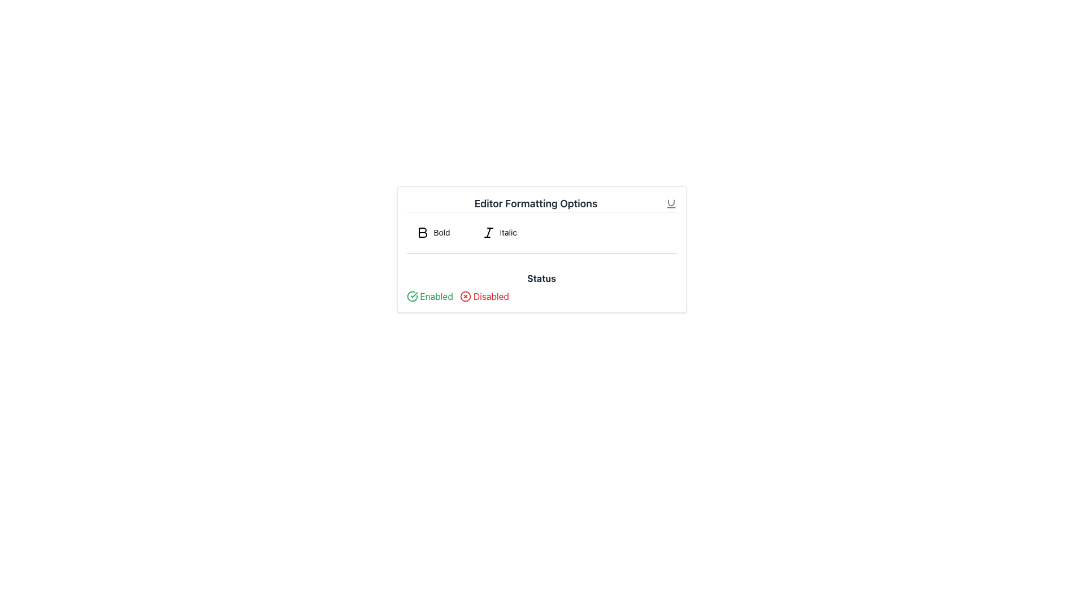 Image resolution: width=1085 pixels, height=610 pixels. What do you see at coordinates (422, 232) in the screenshot?
I see `the bold 'B' icon` at bounding box center [422, 232].